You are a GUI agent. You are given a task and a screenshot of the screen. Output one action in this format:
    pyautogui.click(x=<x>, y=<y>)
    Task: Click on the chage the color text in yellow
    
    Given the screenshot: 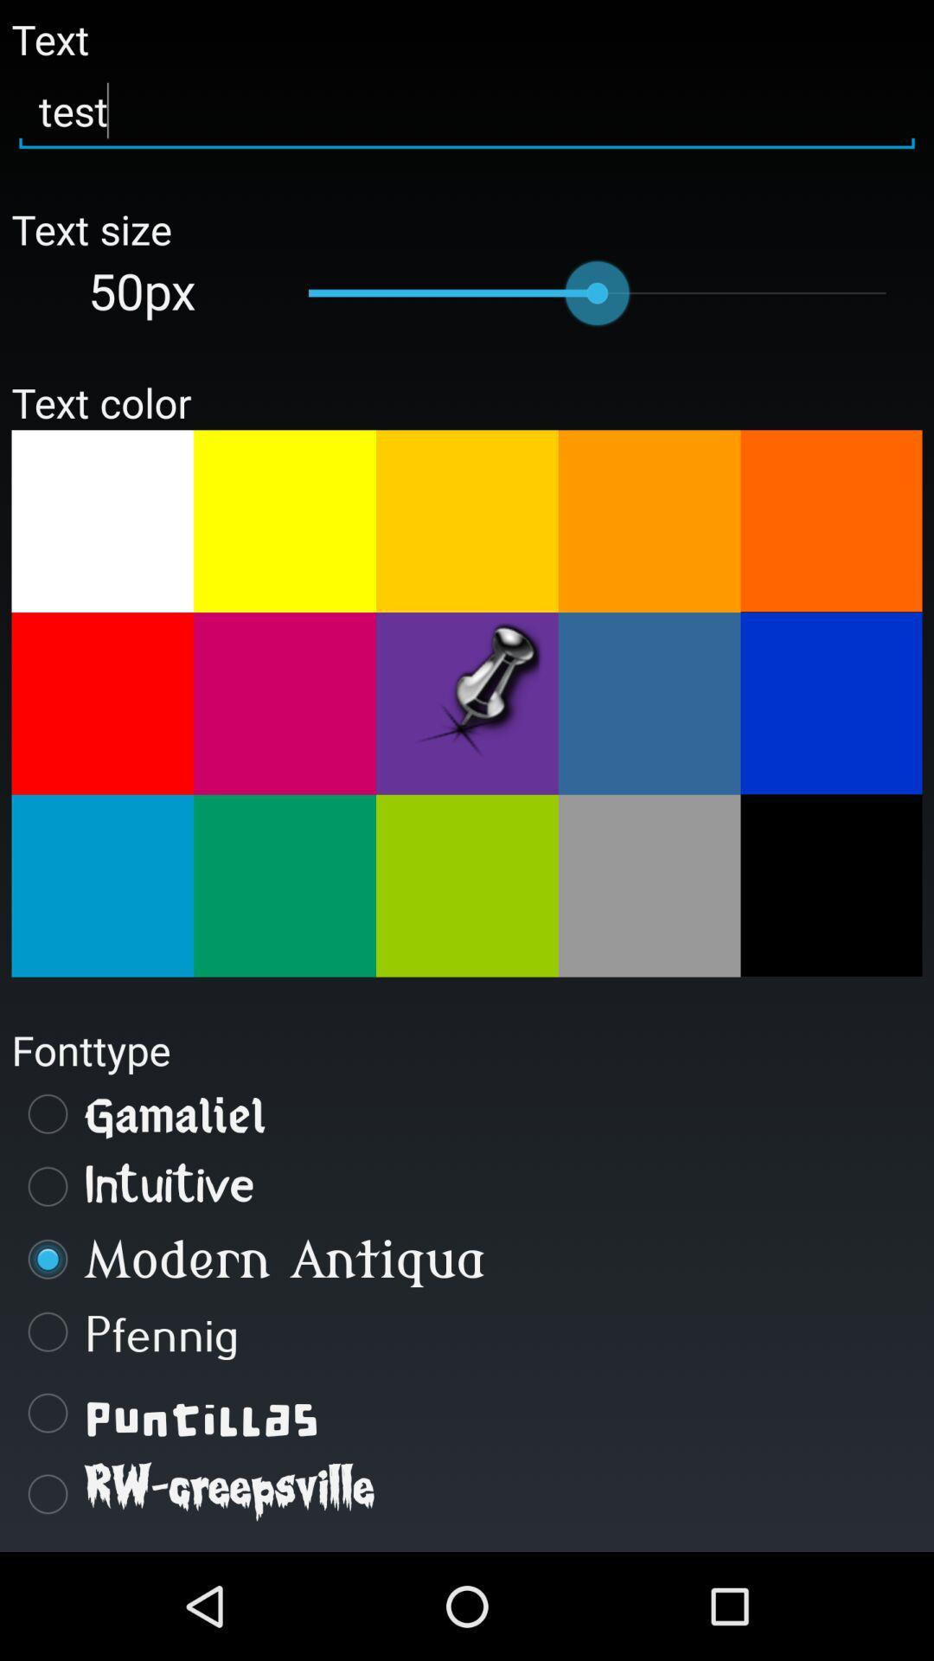 What is the action you would take?
    pyautogui.click(x=467, y=520)
    